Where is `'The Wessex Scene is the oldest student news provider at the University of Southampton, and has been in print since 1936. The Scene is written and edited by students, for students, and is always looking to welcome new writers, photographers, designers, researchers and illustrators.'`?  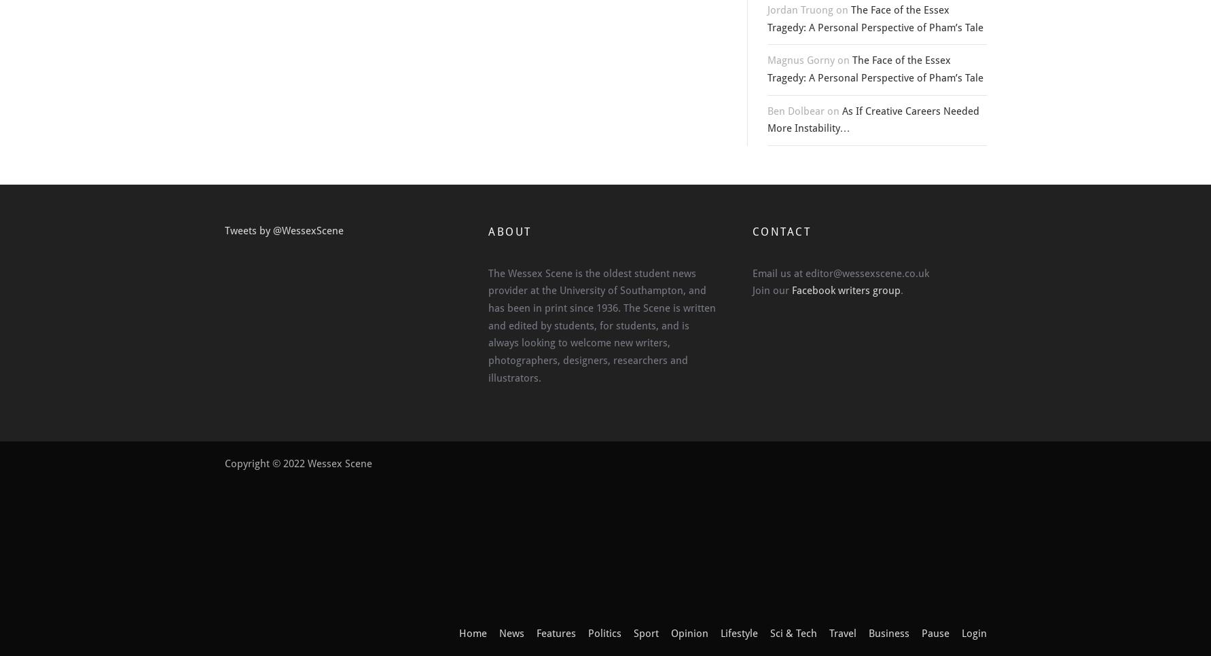
'The Wessex Scene is the oldest student news provider at the University of Southampton, and has been in print since 1936. The Scene is written and edited by students, for students, and is always looking to welcome new writers, photographers, designers, researchers and illustrators.' is located at coordinates (602, 325).